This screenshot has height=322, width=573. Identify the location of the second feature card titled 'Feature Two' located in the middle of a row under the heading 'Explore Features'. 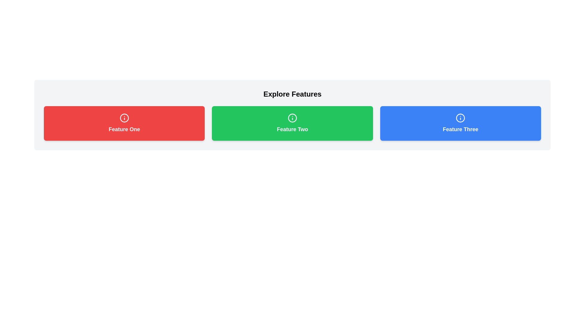
(292, 123).